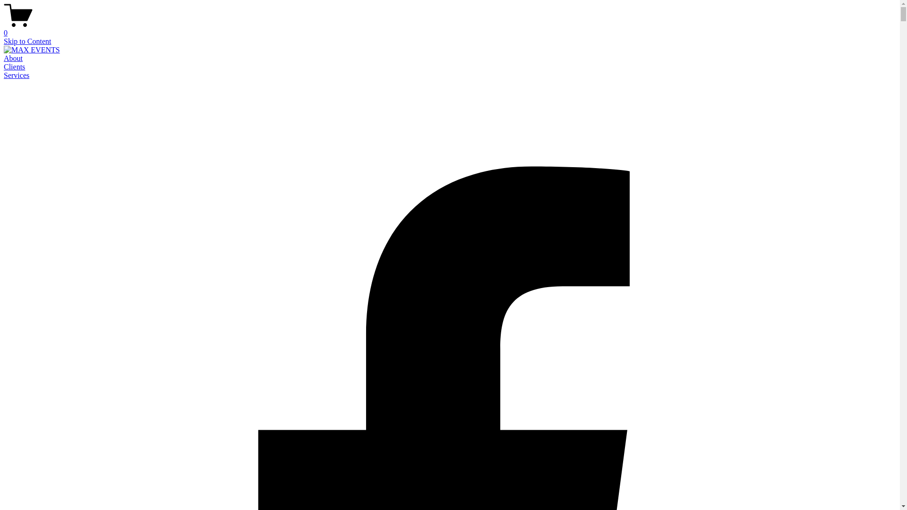 The width and height of the screenshot is (907, 510). What do you see at coordinates (4, 75) in the screenshot?
I see `'Services'` at bounding box center [4, 75].